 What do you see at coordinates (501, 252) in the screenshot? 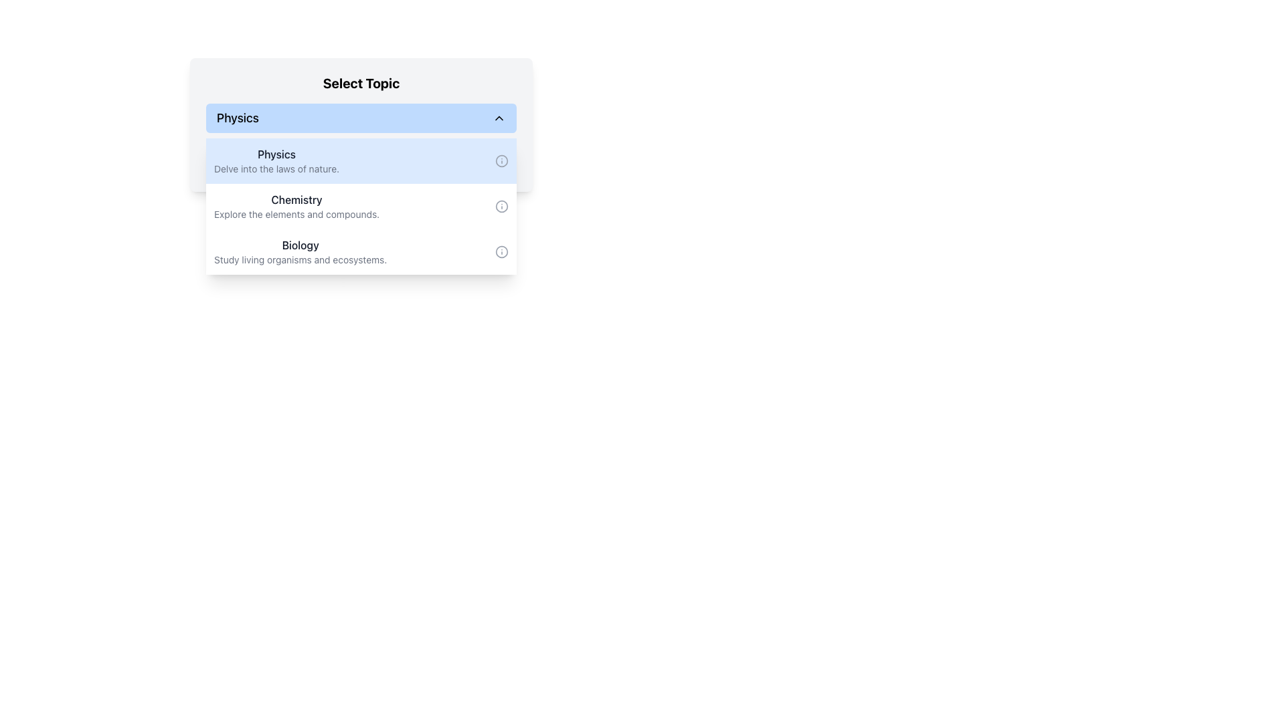
I see `the information icon located to the far-right of the 'Biology' section` at bounding box center [501, 252].